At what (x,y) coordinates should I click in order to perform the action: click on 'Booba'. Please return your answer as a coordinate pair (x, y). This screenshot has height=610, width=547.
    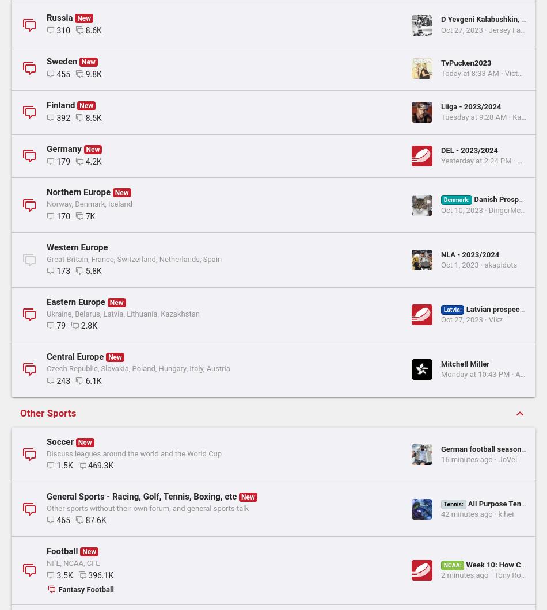
    Looking at the image, I should click on (332, 138).